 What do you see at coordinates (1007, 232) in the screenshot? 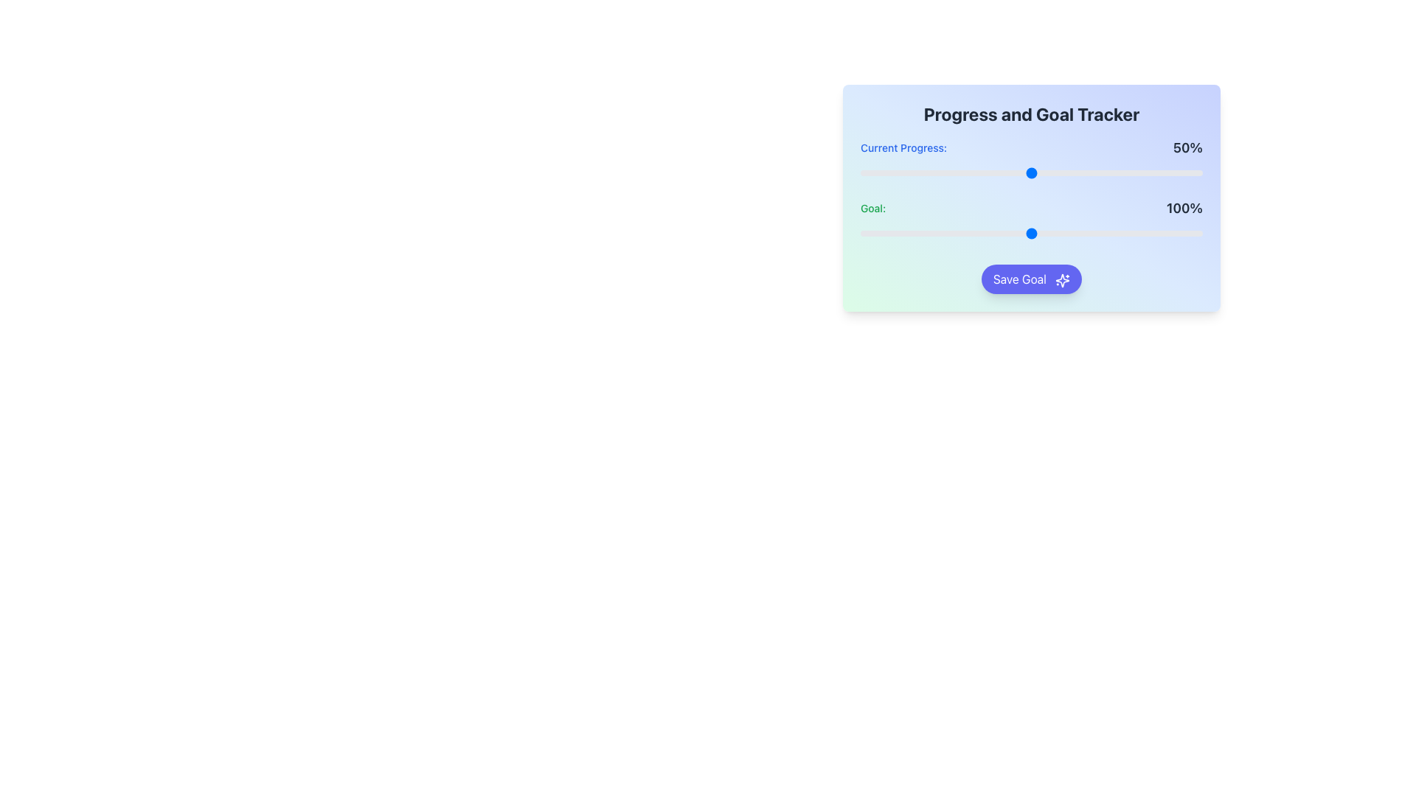
I see `the slider value` at bounding box center [1007, 232].